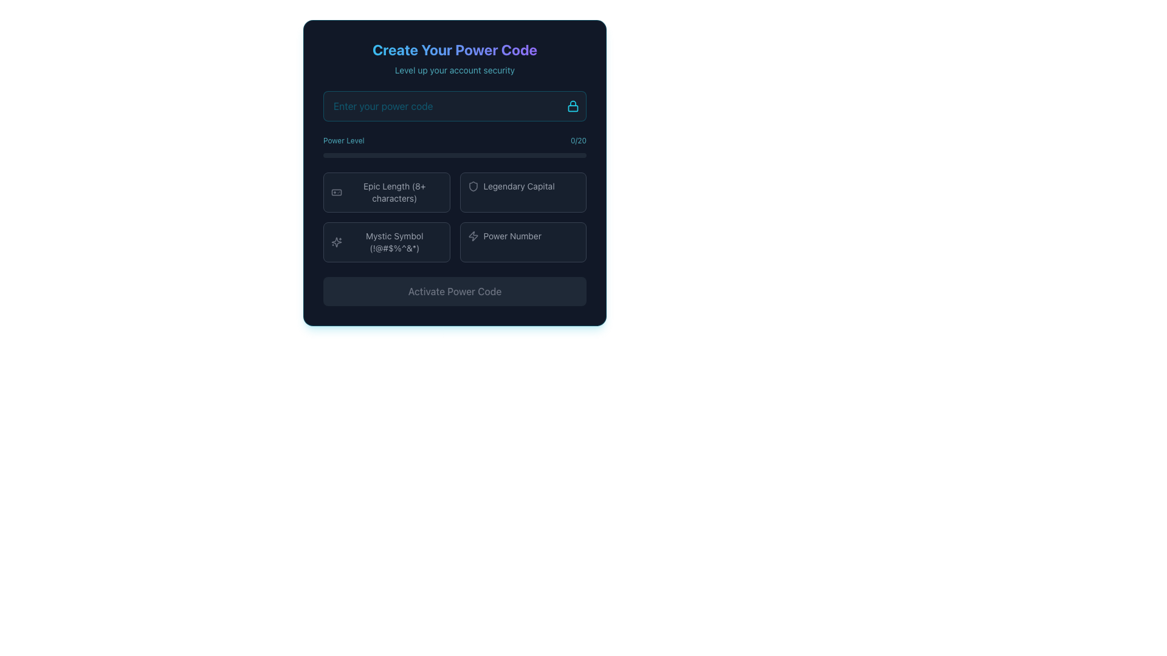 The width and height of the screenshot is (1167, 656). I want to click on the 'Power Number' icon and text label combination located in the bottom-right quadrant of the layout, so click(523, 236).